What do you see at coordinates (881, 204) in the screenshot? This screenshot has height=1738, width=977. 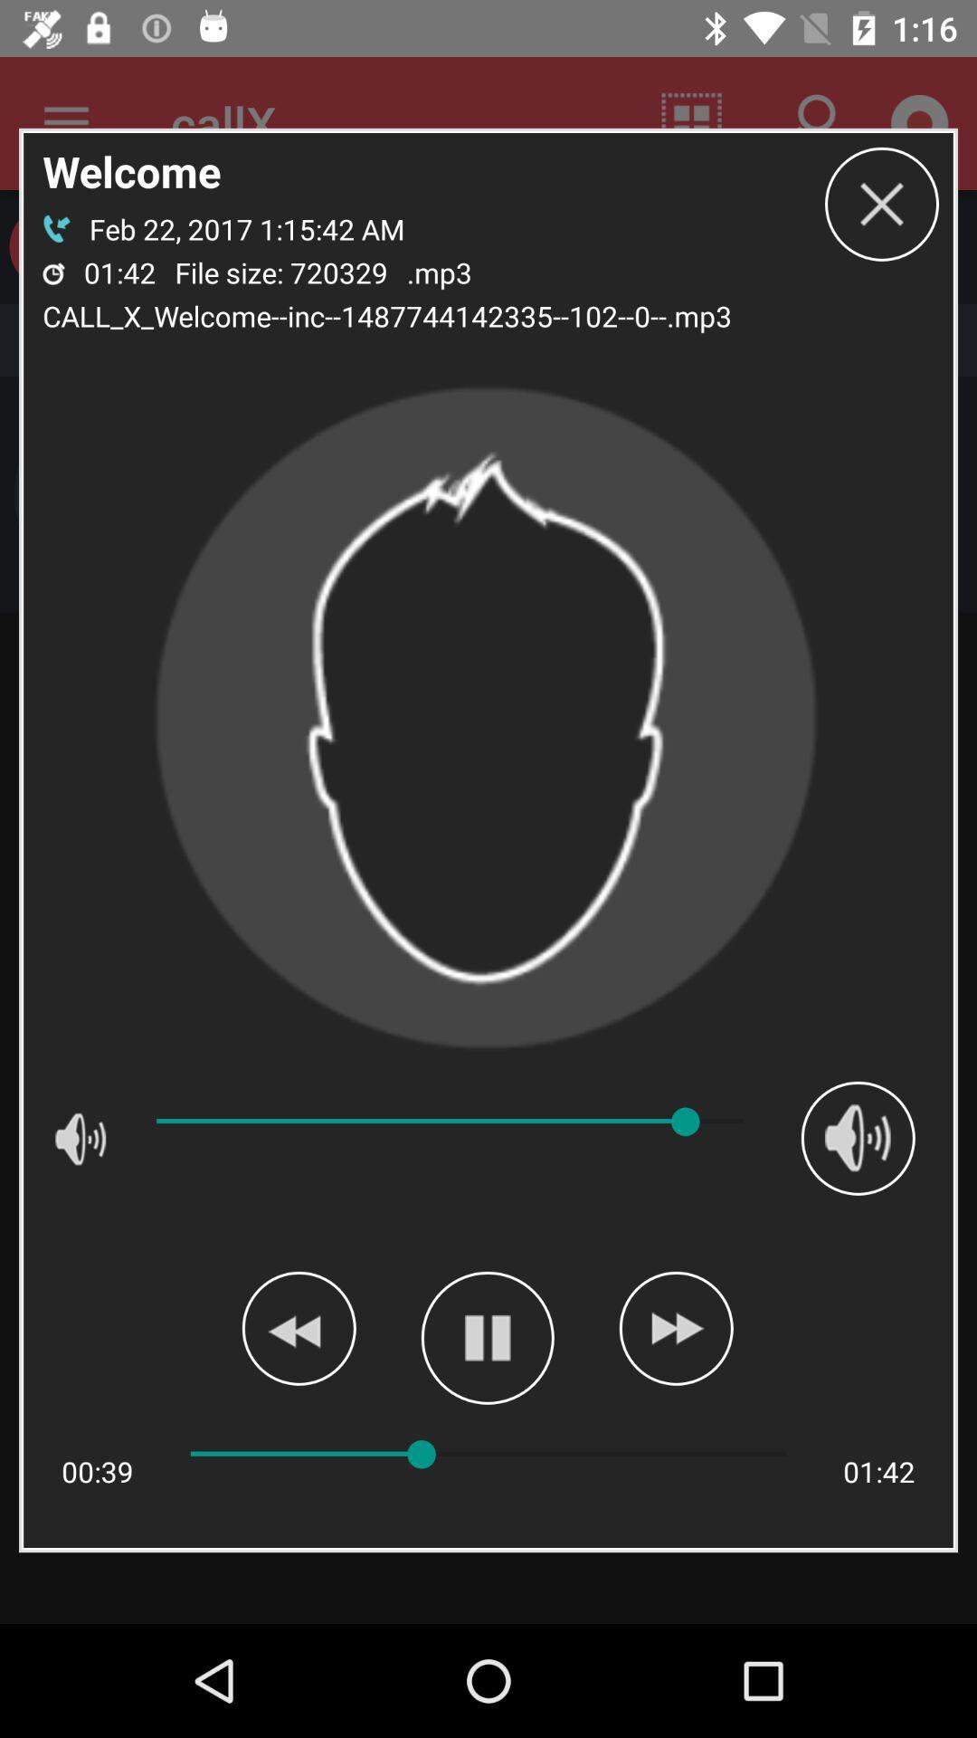 I see `icon next to the .mp3 icon` at bounding box center [881, 204].